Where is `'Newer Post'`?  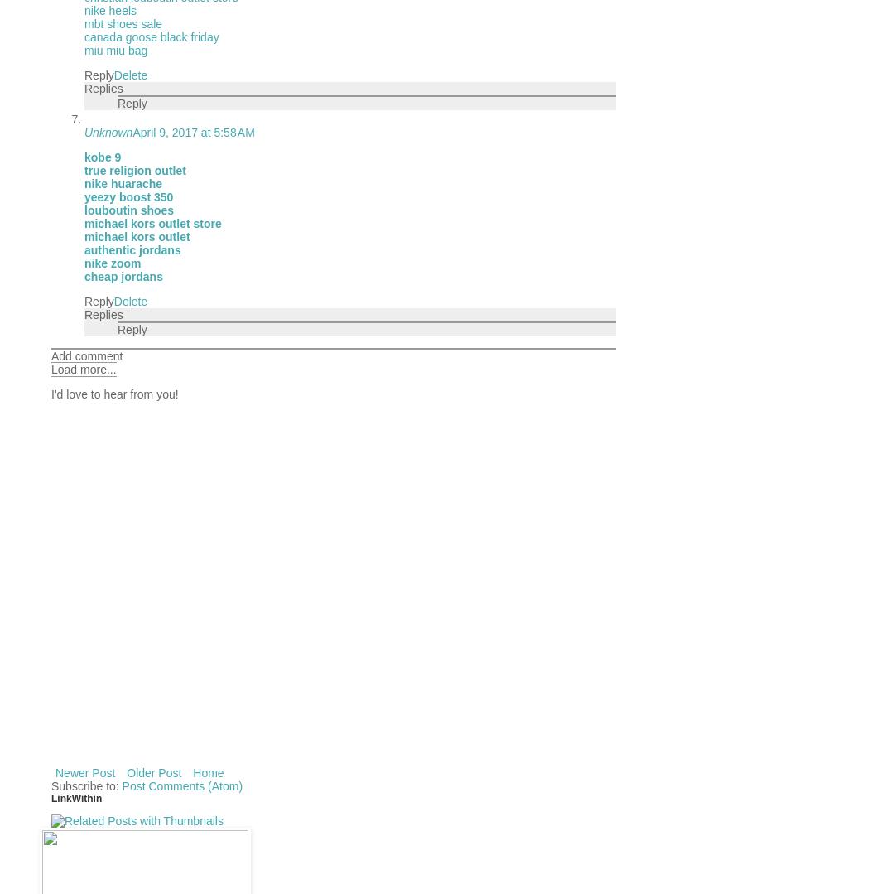 'Newer Post' is located at coordinates (84, 772).